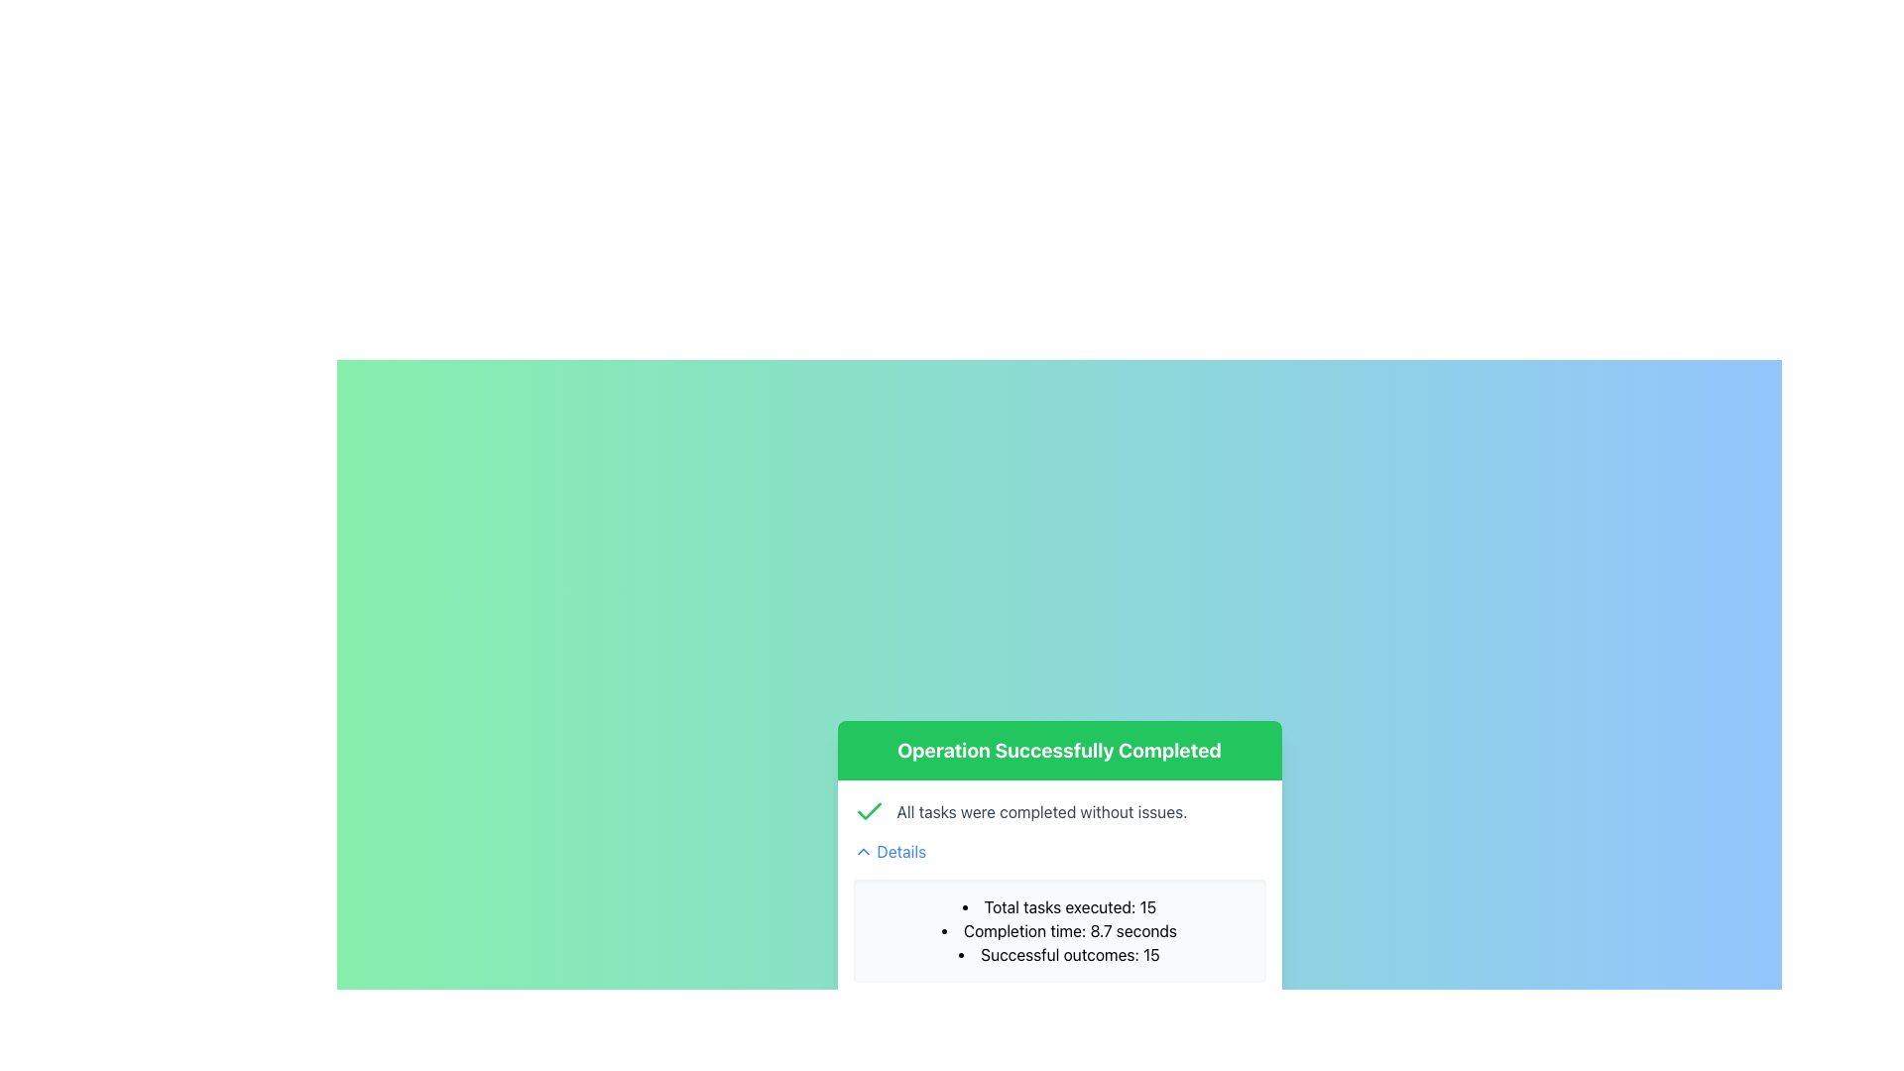 The image size is (1904, 1071). What do you see at coordinates (1058, 930) in the screenshot?
I see `the text element that reads 'Completion time: 8.7 seconds', which is the second item in a three-item bulleted list under the title 'Operation Successfully Completed'` at bounding box center [1058, 930].